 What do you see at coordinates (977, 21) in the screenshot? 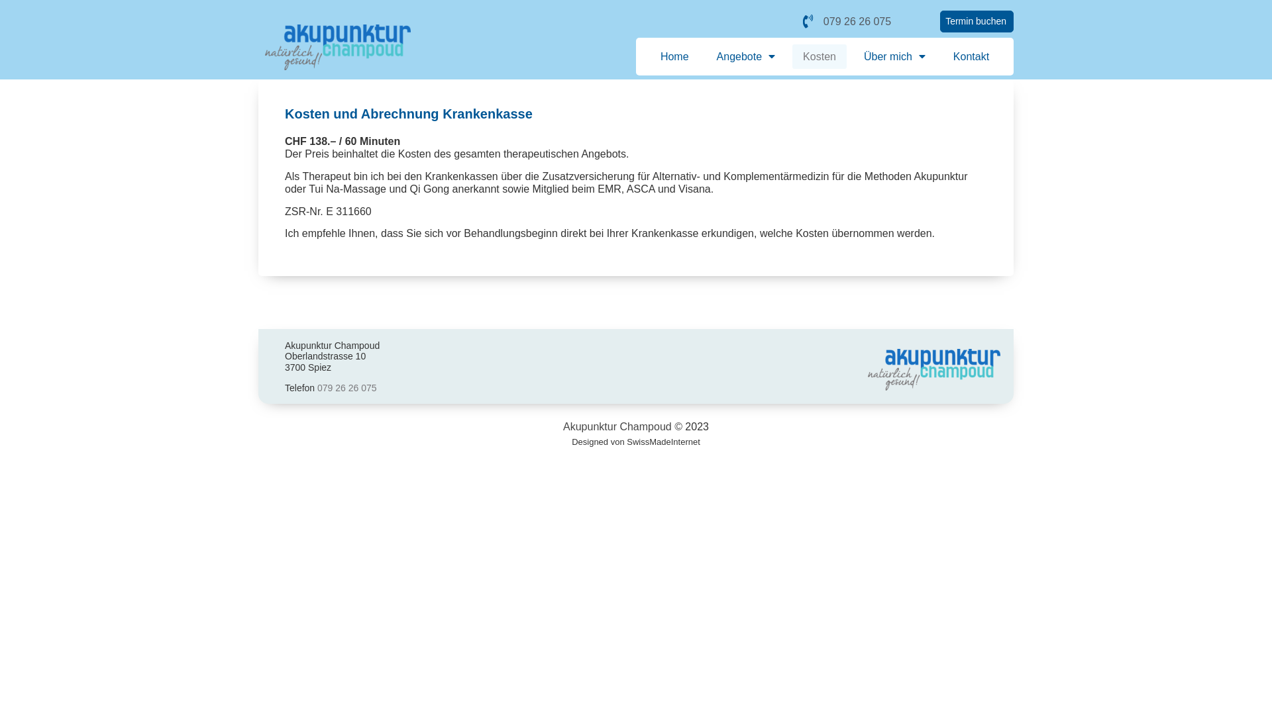
I see `'Termin buchen'` at bounding box center [977, 21].